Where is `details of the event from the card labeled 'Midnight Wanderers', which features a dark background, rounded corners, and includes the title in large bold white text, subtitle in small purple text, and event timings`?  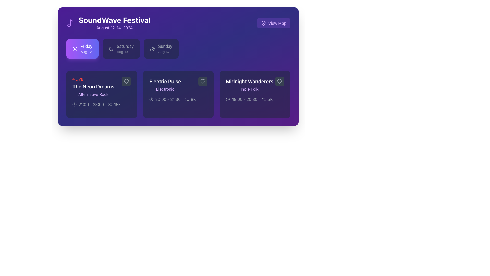
details of the event from the card labeled 'Midnight Wanderers', which features a dark background, rounded corners, and includes the title in large bold white text, subtitle in small purple text, and event timings is located at coordinates (255, 91).